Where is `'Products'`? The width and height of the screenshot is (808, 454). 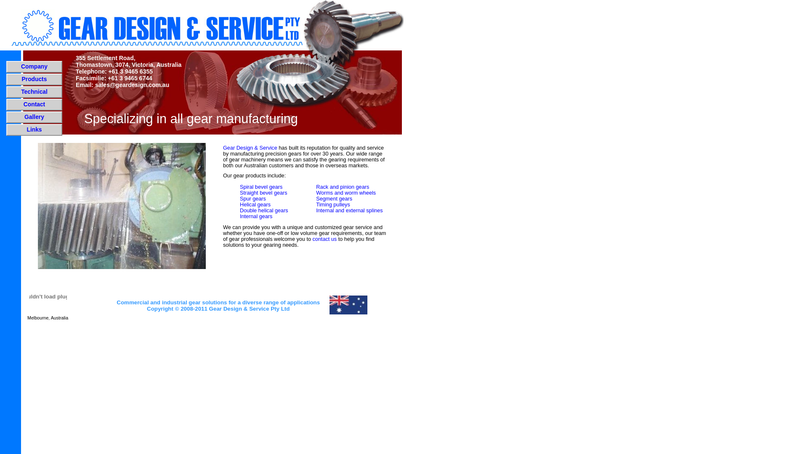 'Products' is located at coordinates (22, 79).